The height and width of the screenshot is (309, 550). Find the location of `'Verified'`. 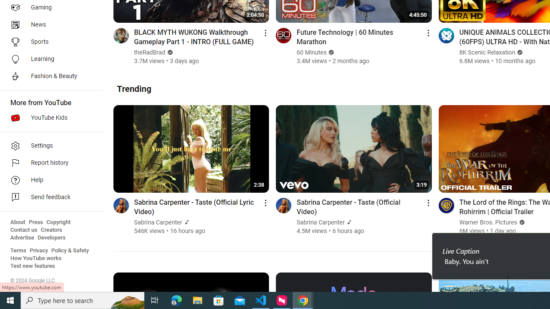

'Verified' is located at coordinates (520, 222).